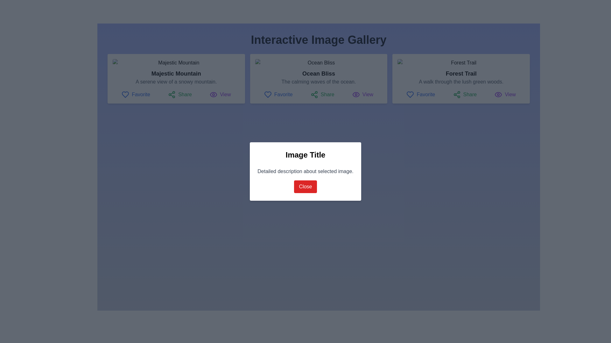 The width and height of the screenshot is (611, 343). What do you see at coordinates (125, 94) in the screenshot?
I see `the heart icon styled as an outline, blue in color, located to the left of the text 'Favorite' within the 'Majestic Mountain' card` at bounding box center [125, 94].